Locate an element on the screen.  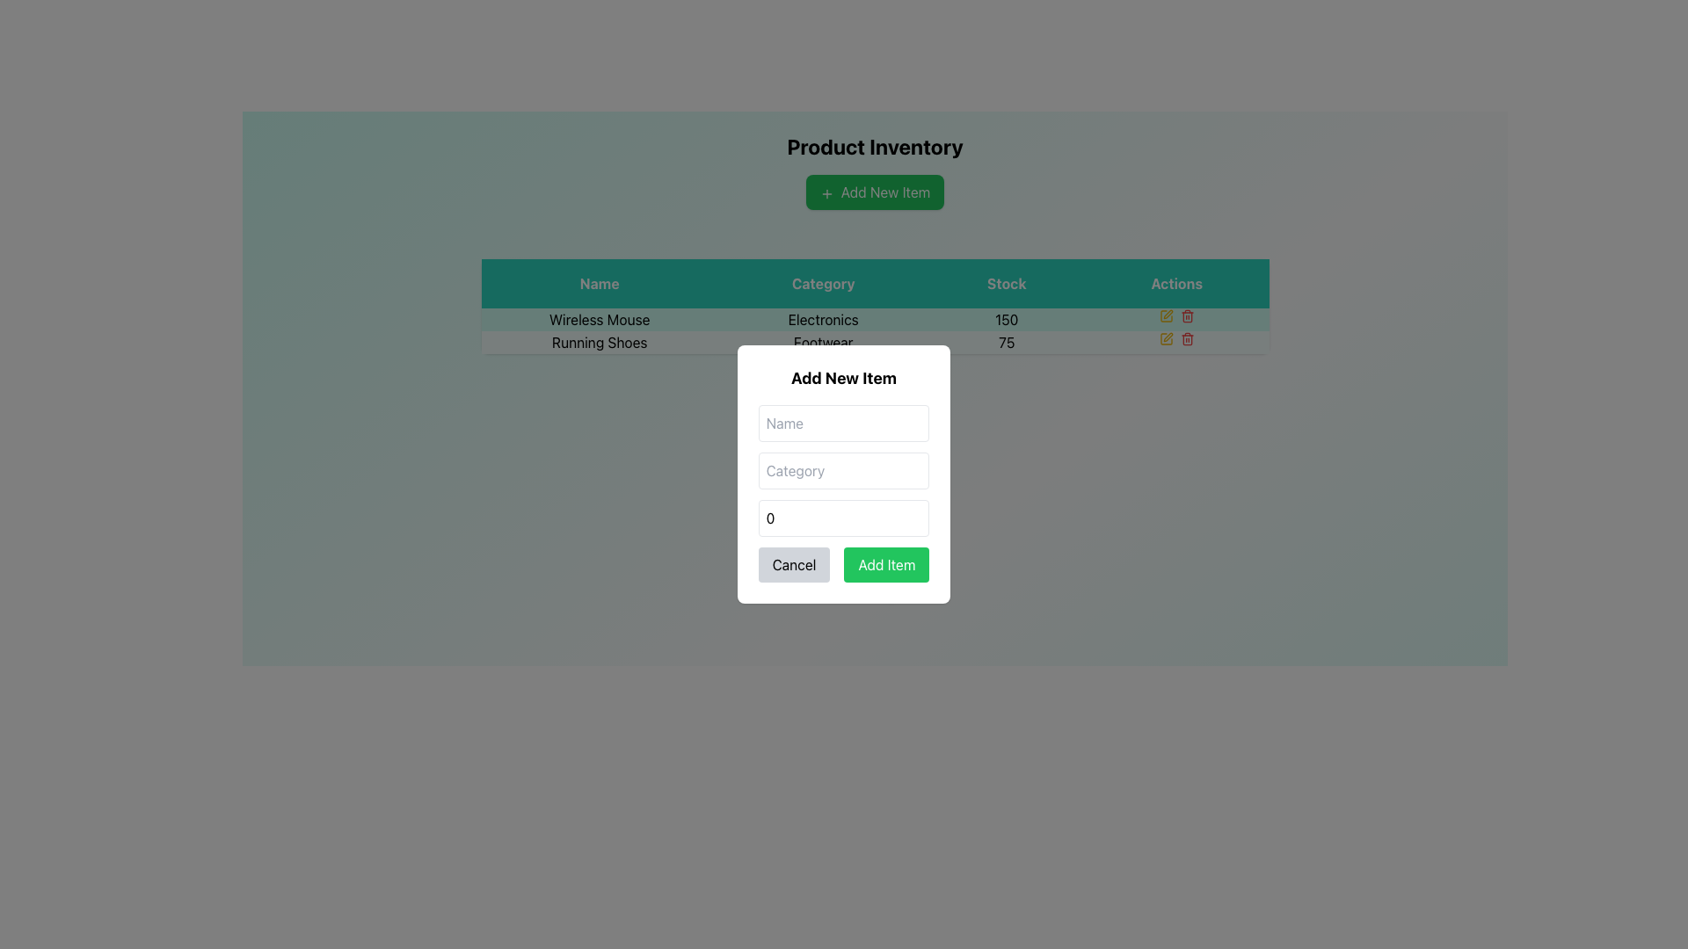
the edit button located in the first row of the table in the 'Actions' column is located at coordinates (1166, 315).